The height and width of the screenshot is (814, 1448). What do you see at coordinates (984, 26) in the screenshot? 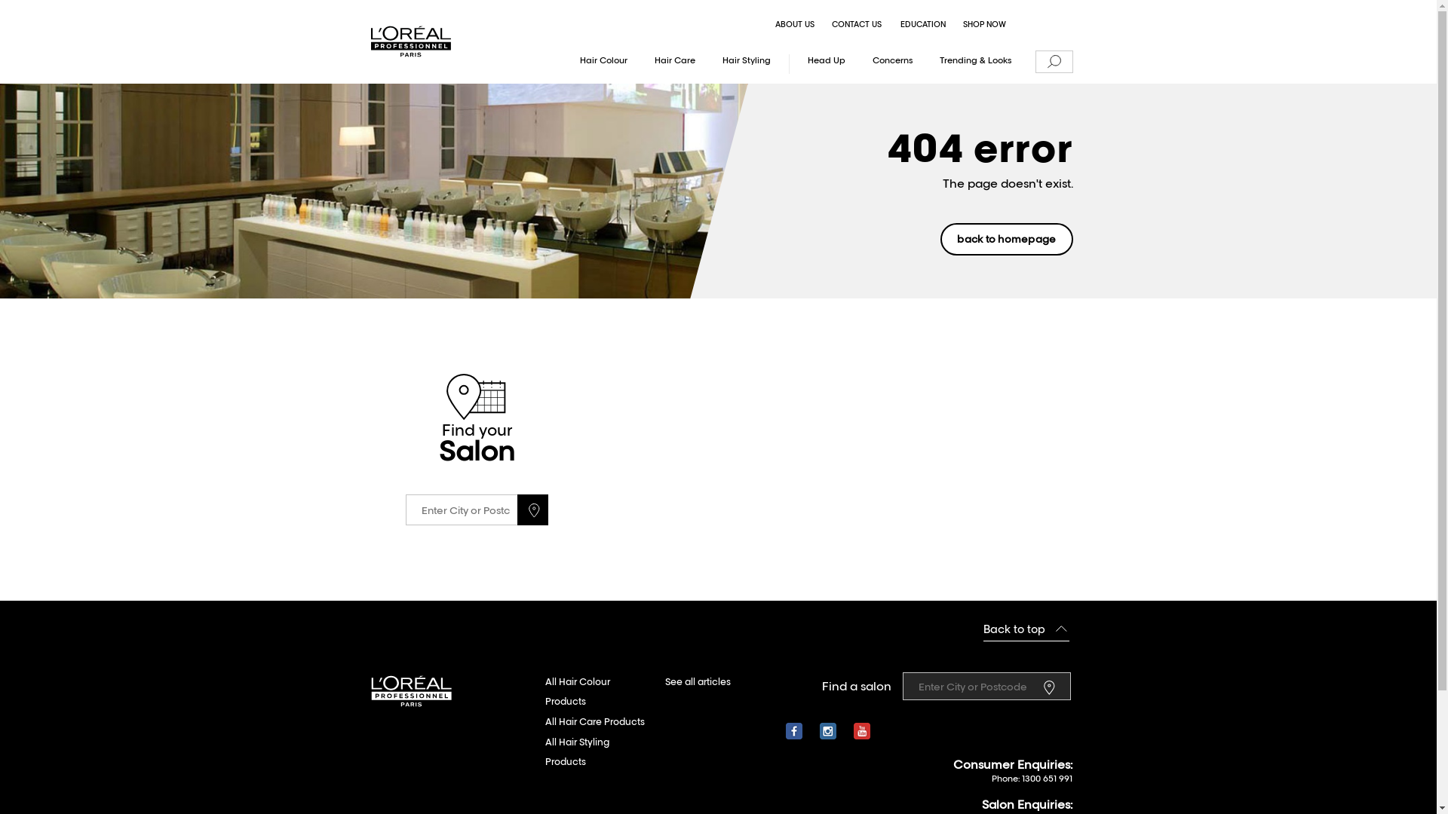
I see `'SHOP NOW'` at bounding box center [984, 26].